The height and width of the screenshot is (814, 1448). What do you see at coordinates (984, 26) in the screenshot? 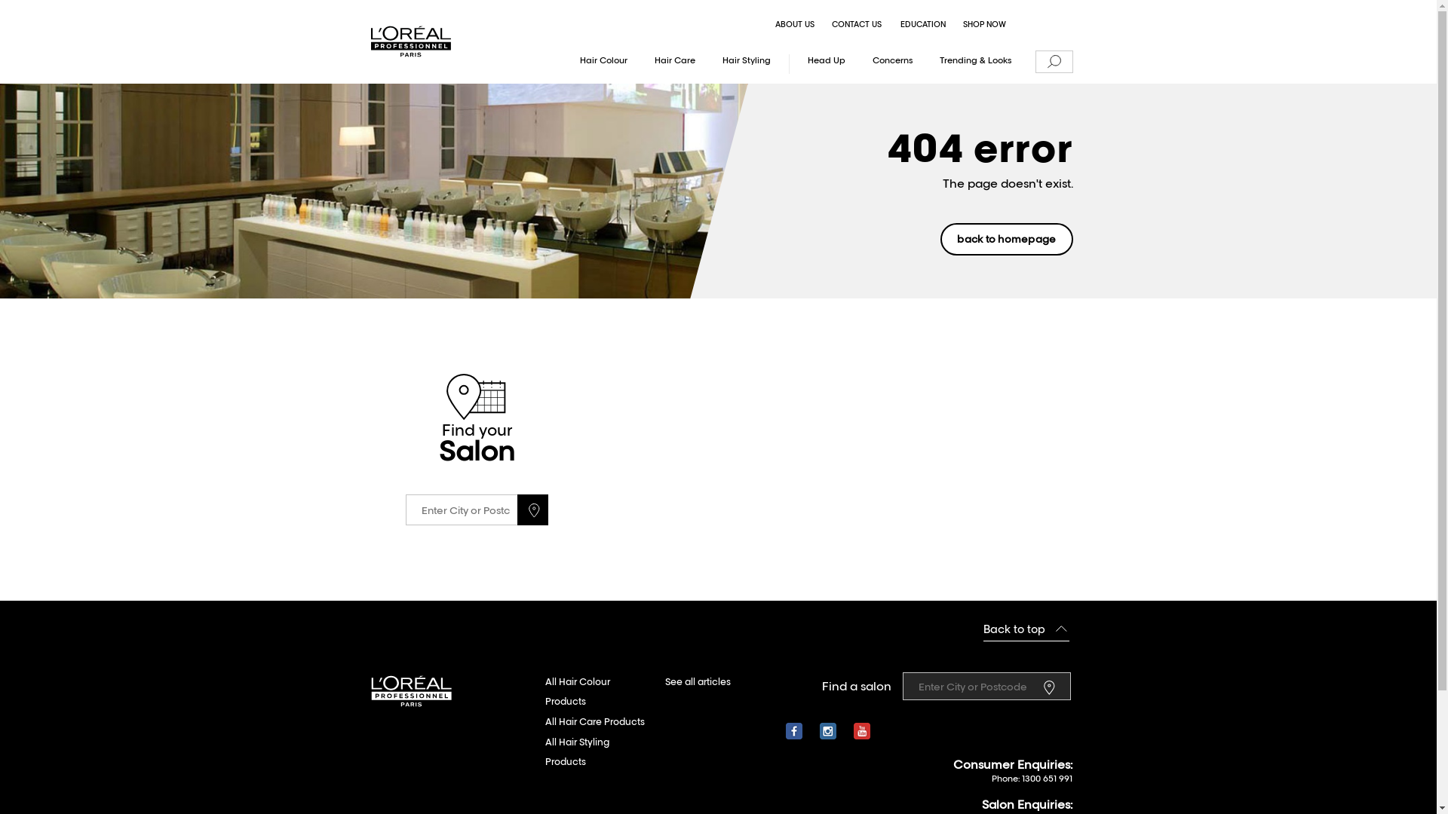
I see `'SHOP NOW'` at bounding box center [984, 26].